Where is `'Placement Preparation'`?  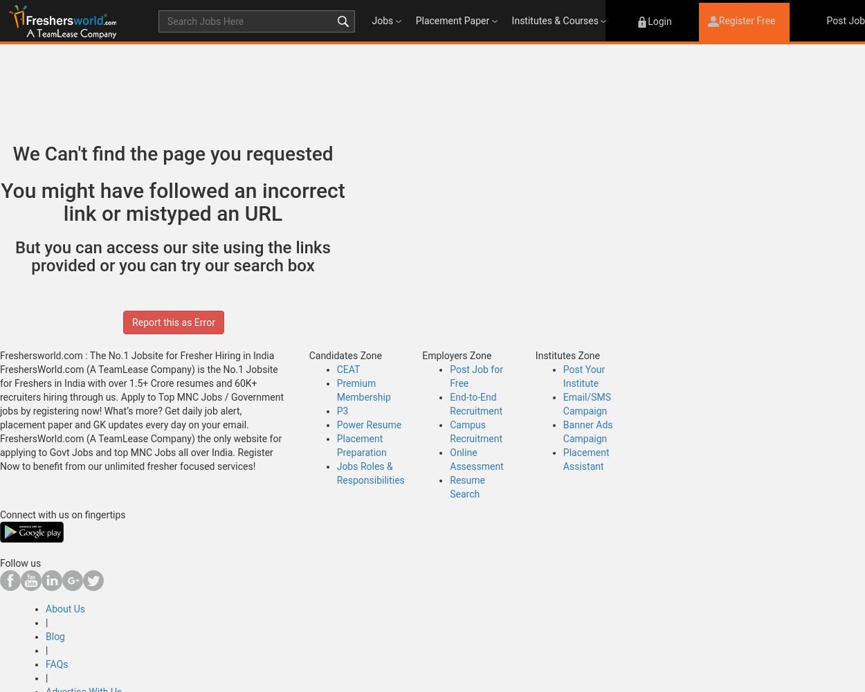 'Placement Preparation' is located at coordinates (361, 446).